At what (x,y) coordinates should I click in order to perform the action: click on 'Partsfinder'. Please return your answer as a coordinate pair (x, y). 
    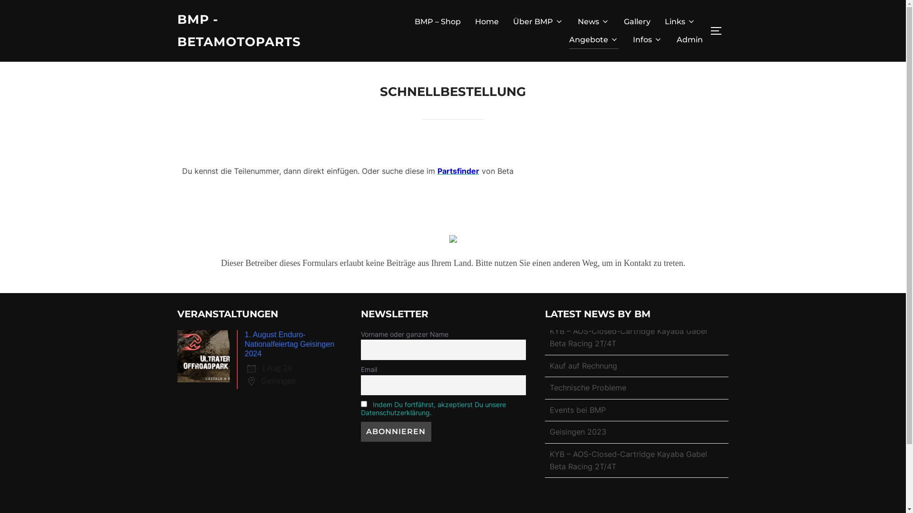
    Looking at the image, I should click on (458, 170).